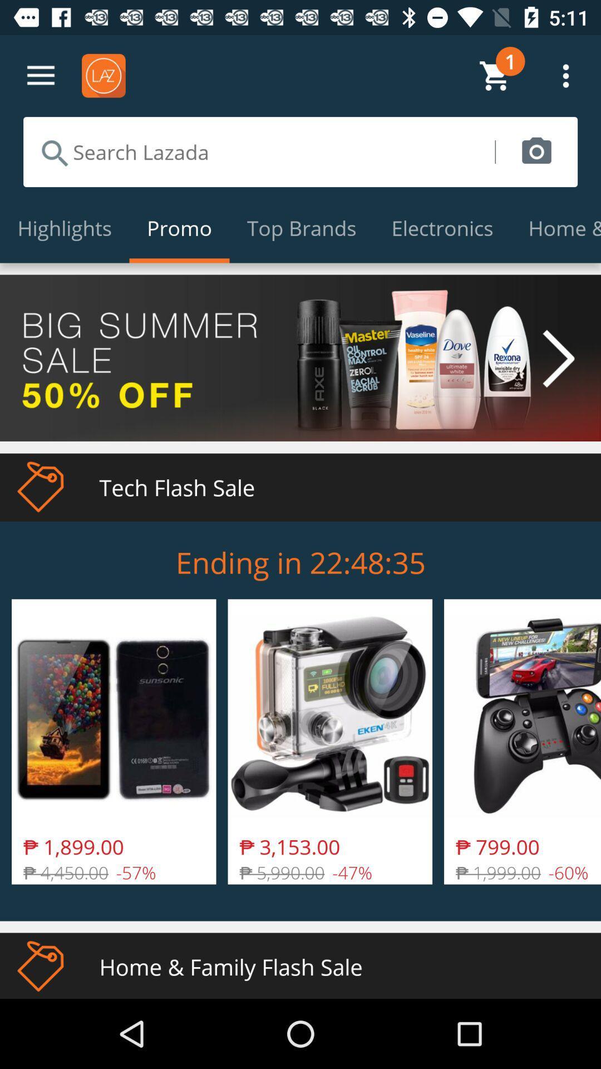 The width and height of the screenshot is (601, 1069). Describe the element at coordinates (40, 75) in the screenshot. I see `back` at that location.